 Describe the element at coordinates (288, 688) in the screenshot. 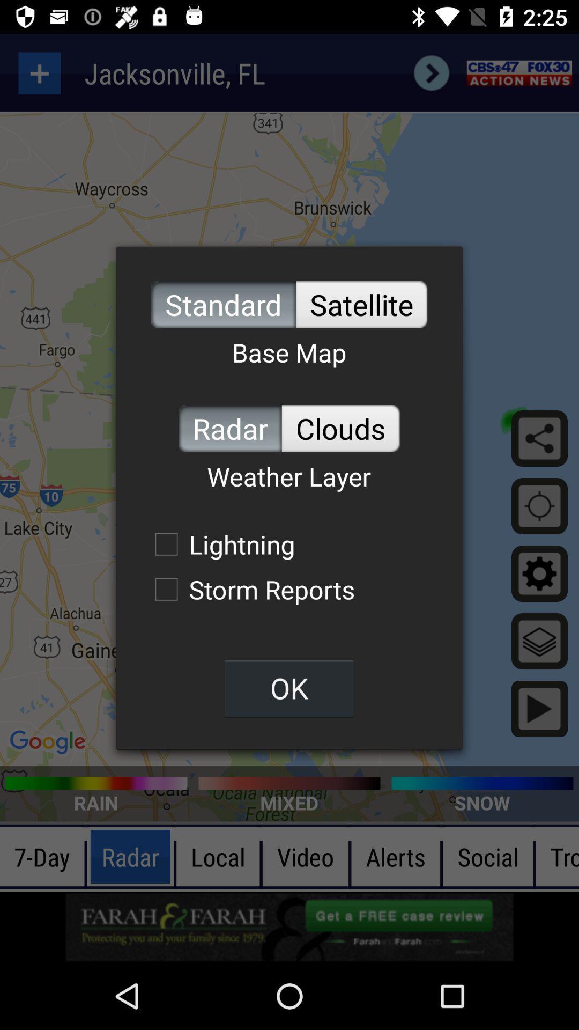

I see `ok item` at that location.